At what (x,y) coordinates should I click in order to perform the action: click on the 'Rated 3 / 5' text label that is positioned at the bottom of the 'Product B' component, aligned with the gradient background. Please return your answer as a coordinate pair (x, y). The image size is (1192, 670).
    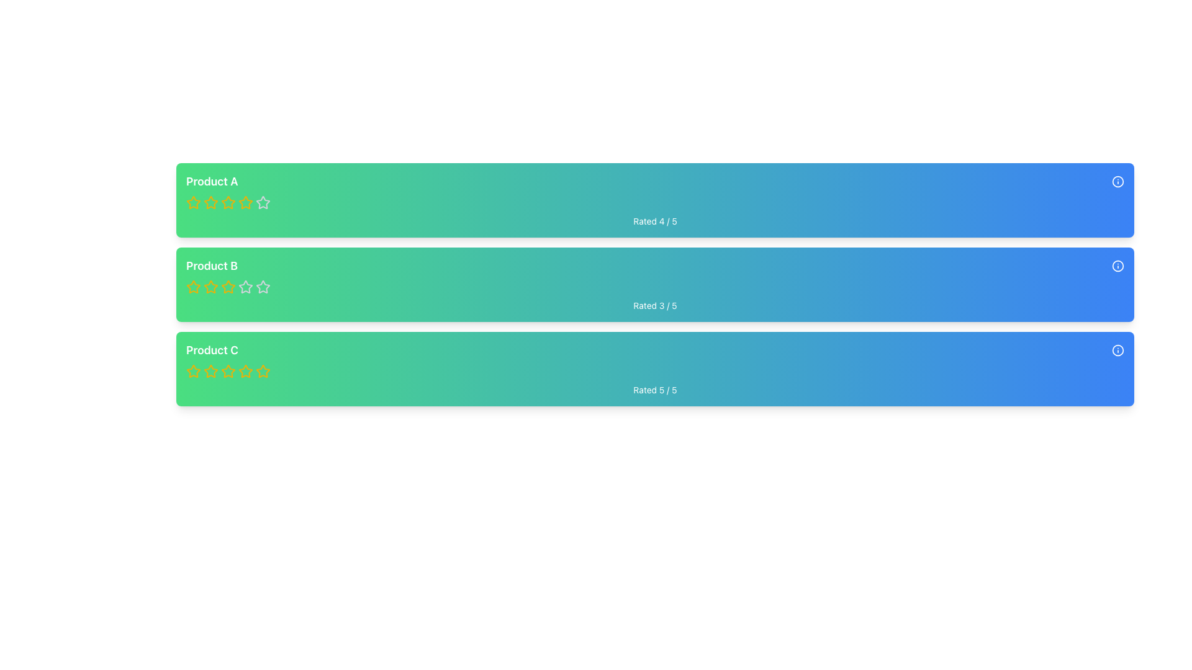
    Looking at the image, I should click on (654, 306).